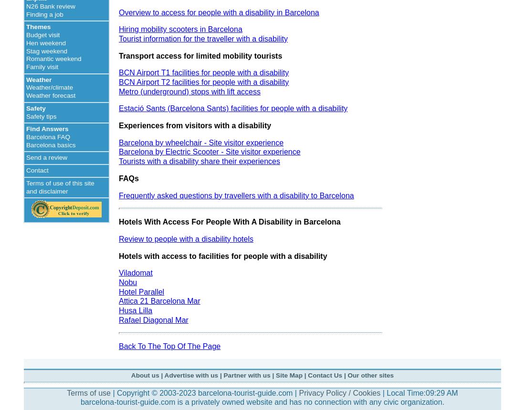 The image size is (525, 410). What do you see at coordinates (39, 79) in the screenshot?
I see `'Weather'` at bounding box center [39, 79].